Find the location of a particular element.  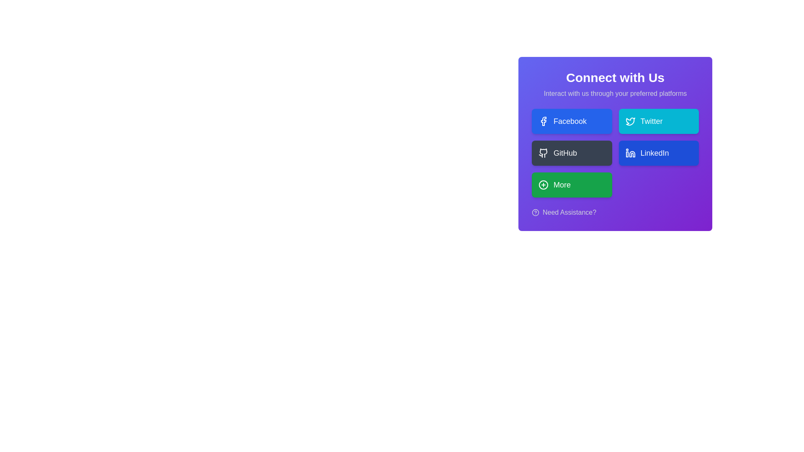

the 'GitHub' text label, which is displayed in white on a dark gray button-like structure with rounded corners, located in the 'Connect with Us' section is located at coordinates (565, 153).